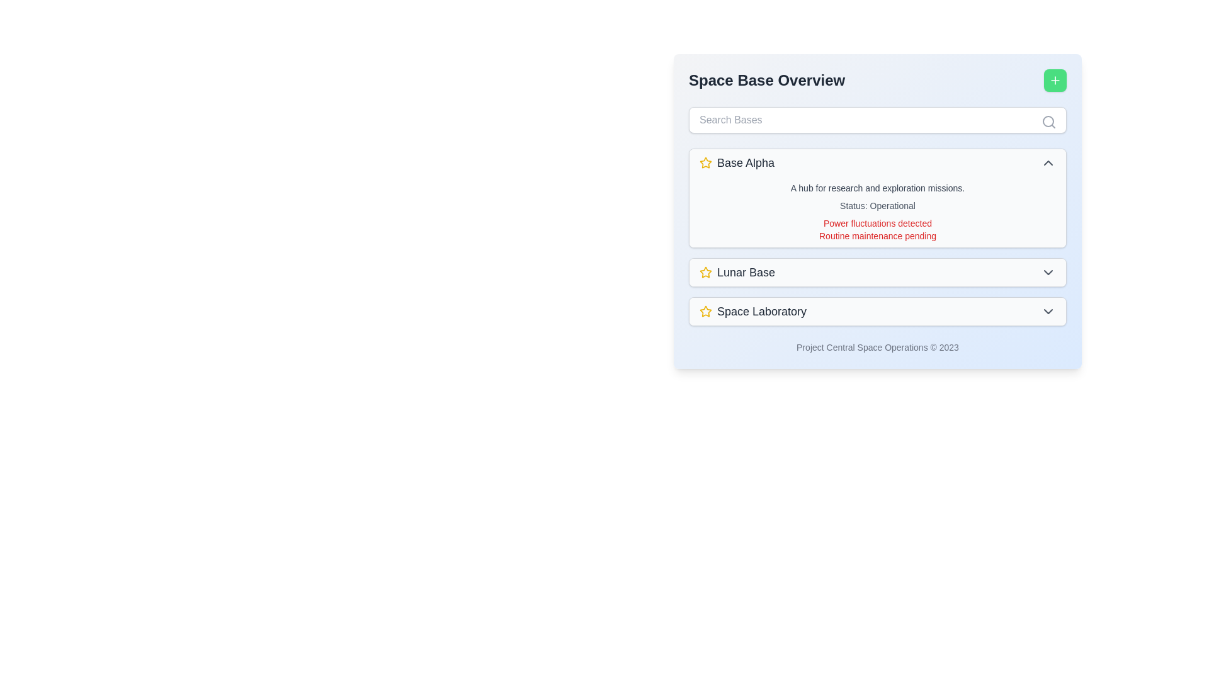  Describe the element at coordinates (877, 205) in the screenshot. I see `the Text Label displaying 'Status: Operational' in gray font, which indicates the operational status of 'Base Alpha.'` at that location.